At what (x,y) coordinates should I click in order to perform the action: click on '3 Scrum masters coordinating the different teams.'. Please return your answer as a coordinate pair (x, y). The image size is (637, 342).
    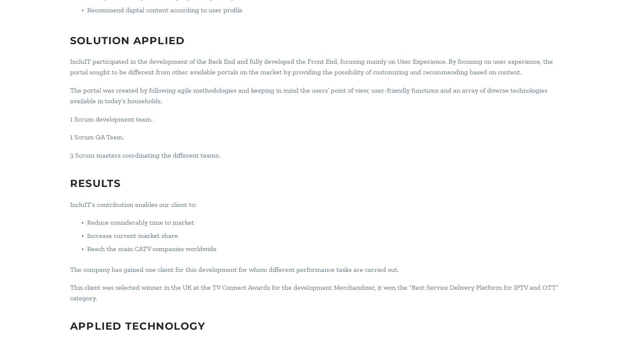
    Looking at the image, I should click on (144, 155).